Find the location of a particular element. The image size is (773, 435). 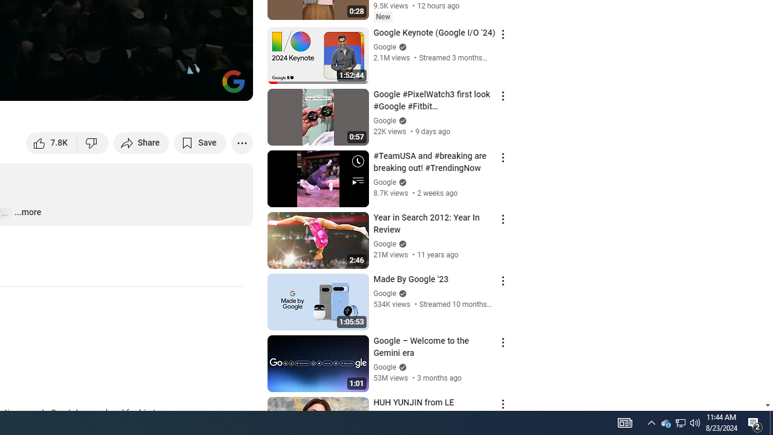

'Share' is located at coordinates (141, 142).